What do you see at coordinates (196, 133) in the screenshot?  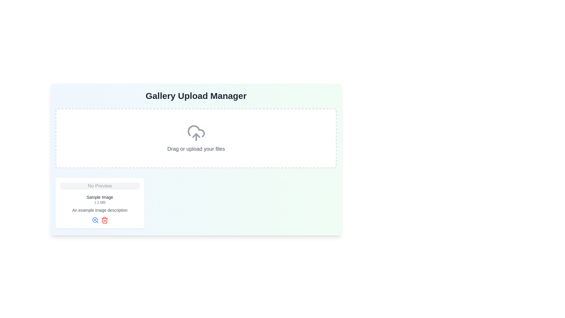 I see `the upload icon which visually represents the function of uploading files, as indicated by its placement within a dashed rectangular area with the text 'Drag or upload your files' underneath` at bounding box center [196, 133].